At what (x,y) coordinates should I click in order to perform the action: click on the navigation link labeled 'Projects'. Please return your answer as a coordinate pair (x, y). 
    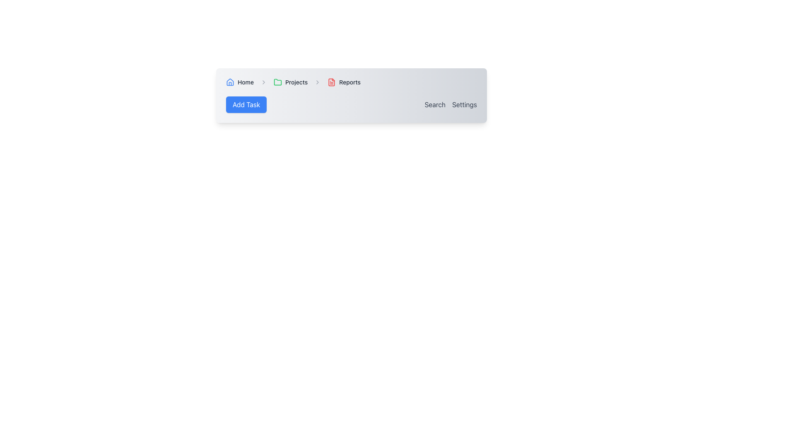
    Looking at the image, I should click on (291, 82).